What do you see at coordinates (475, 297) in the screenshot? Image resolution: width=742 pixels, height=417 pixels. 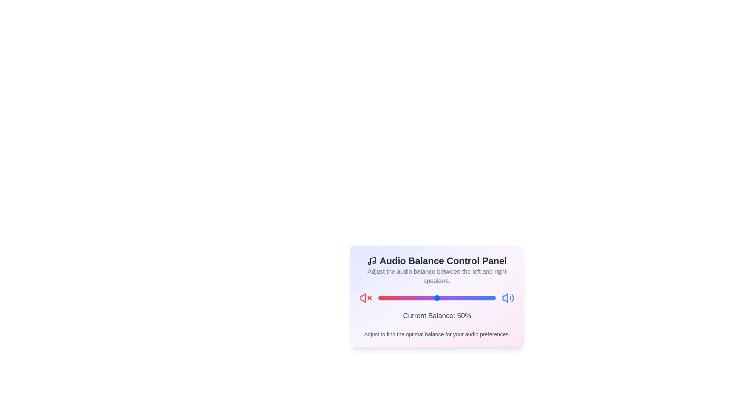 I see `the balance slider to 83%` at bounding box center [475, 297].